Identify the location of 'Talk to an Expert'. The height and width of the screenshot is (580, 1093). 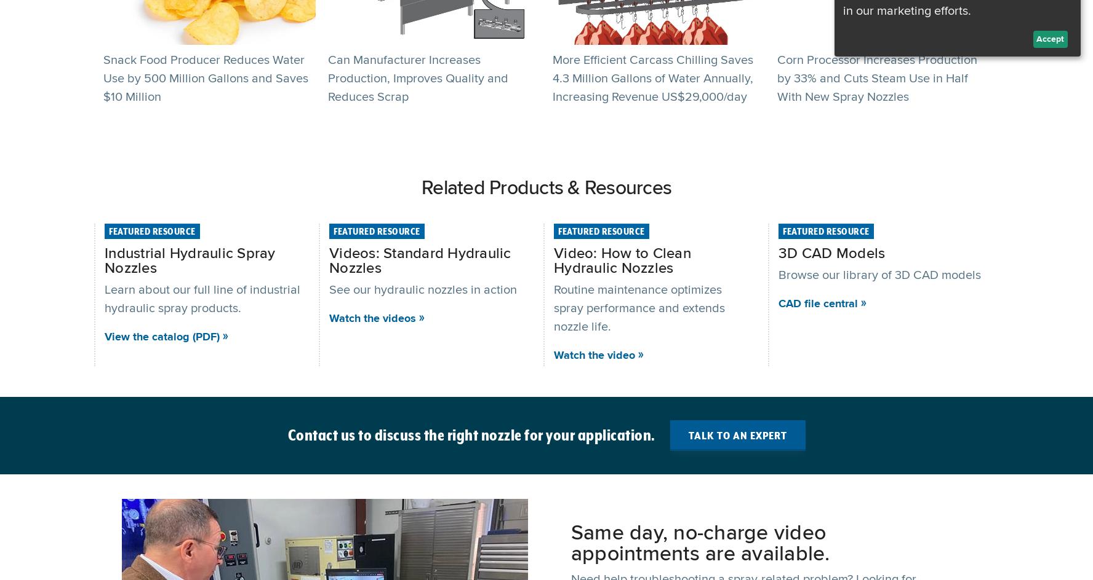
(736, 435).